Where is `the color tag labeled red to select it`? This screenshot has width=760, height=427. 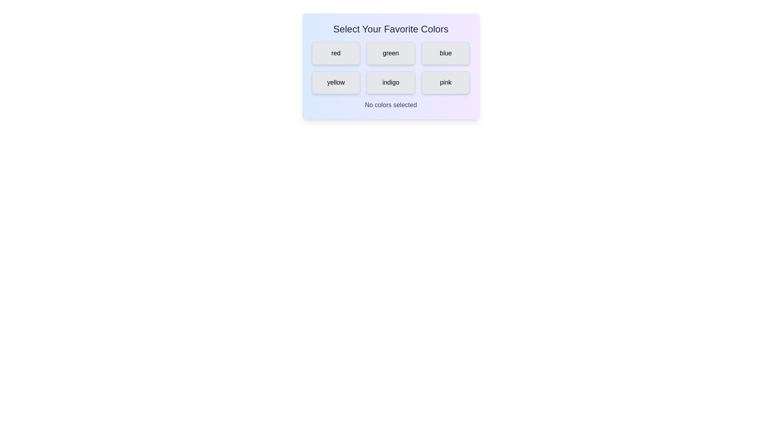
the color tag labeled red to select it is located at coordinates (336, 53).